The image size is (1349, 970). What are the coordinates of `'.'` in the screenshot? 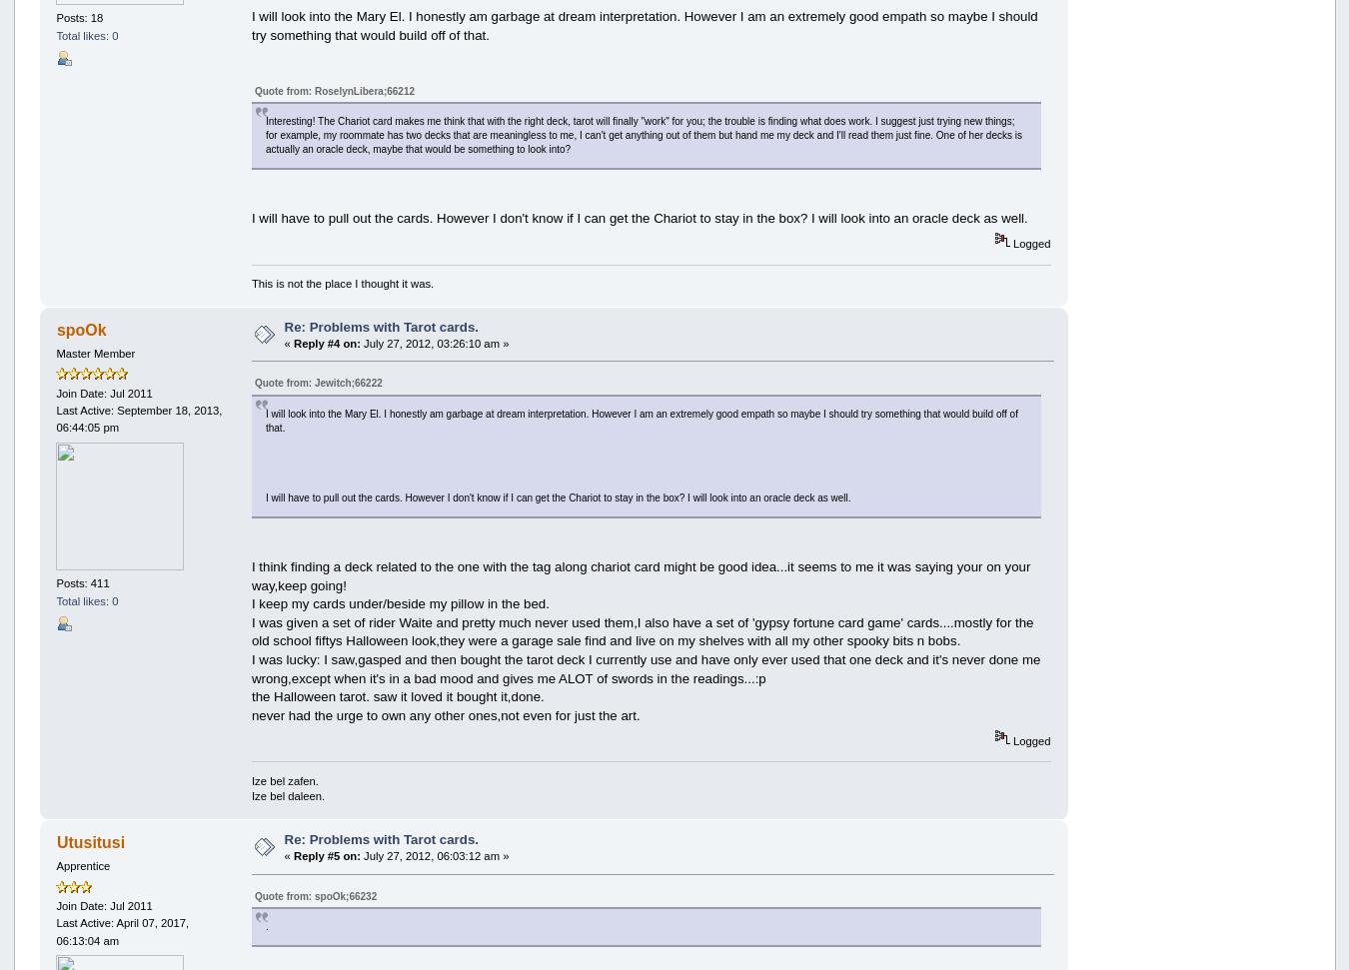 It's located at (265, 925).